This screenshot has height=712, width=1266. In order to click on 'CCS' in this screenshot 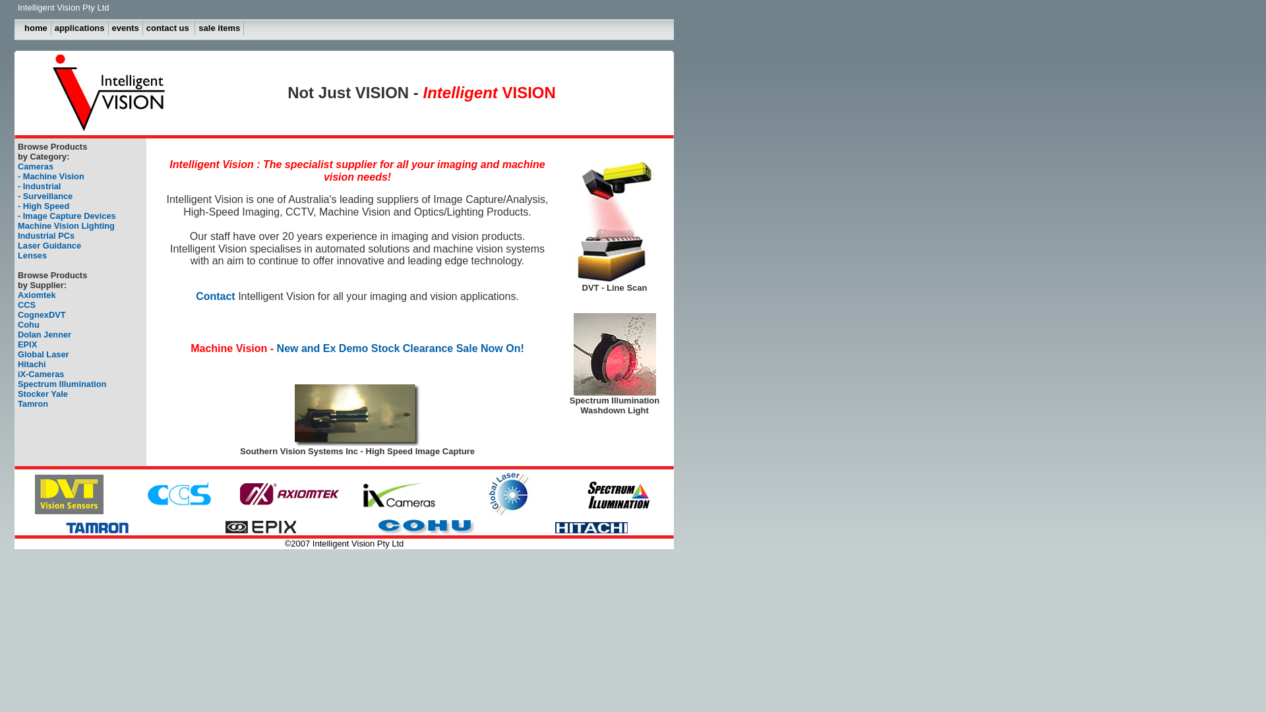, I will do `click(26, 305)`.